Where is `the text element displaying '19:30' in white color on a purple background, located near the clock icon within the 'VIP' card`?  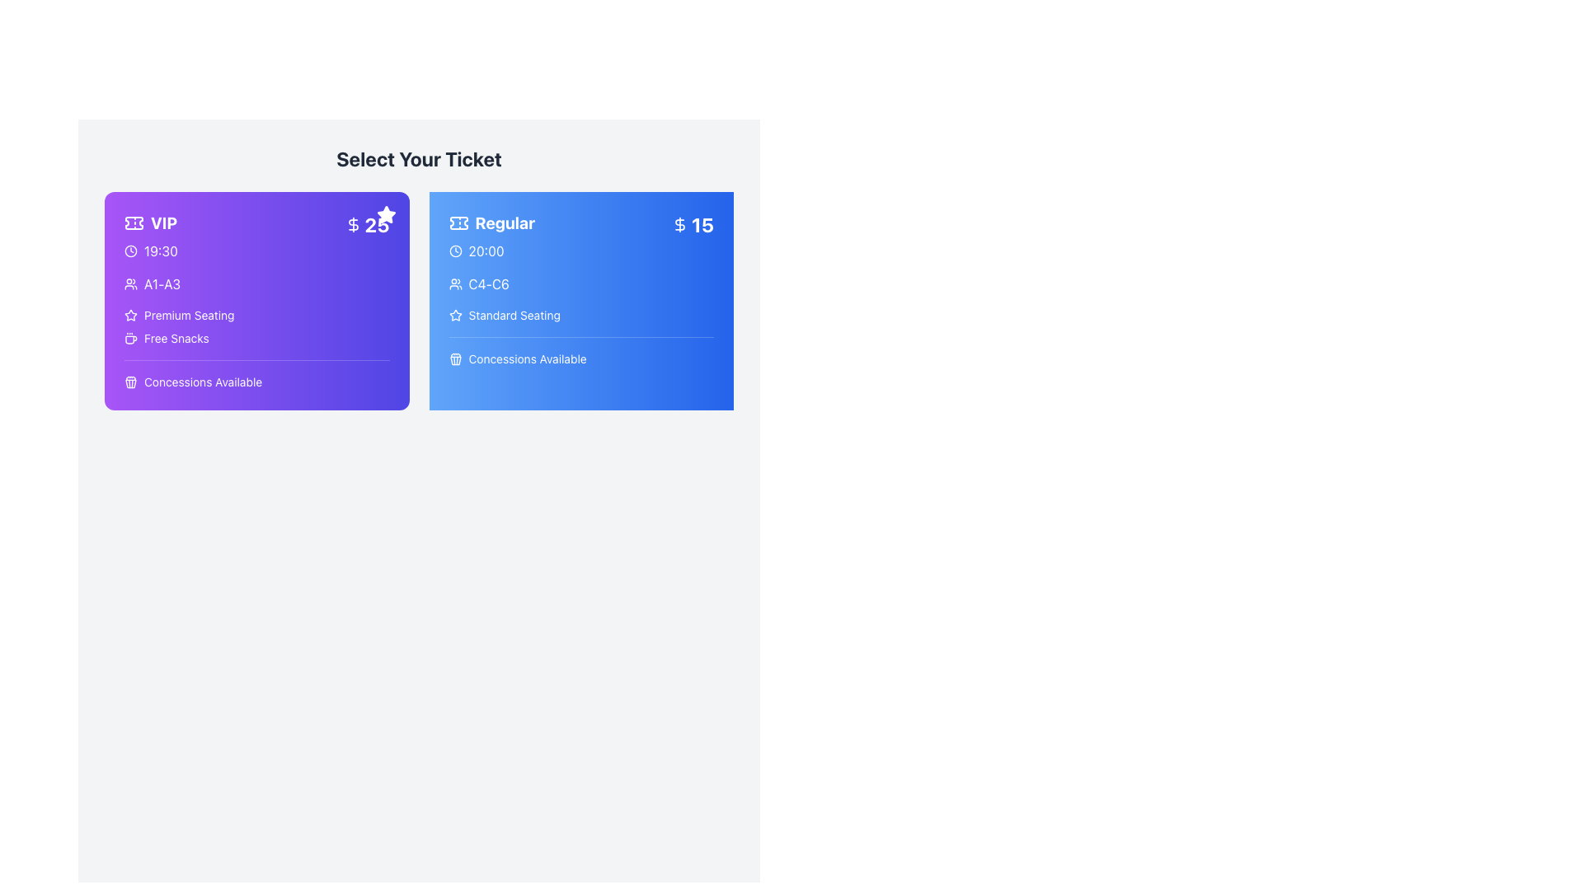
the text element displaying '19:30' in white color on a purple background, located near the clock icon within the 'VIP' card is located at coordinates (161, 251).